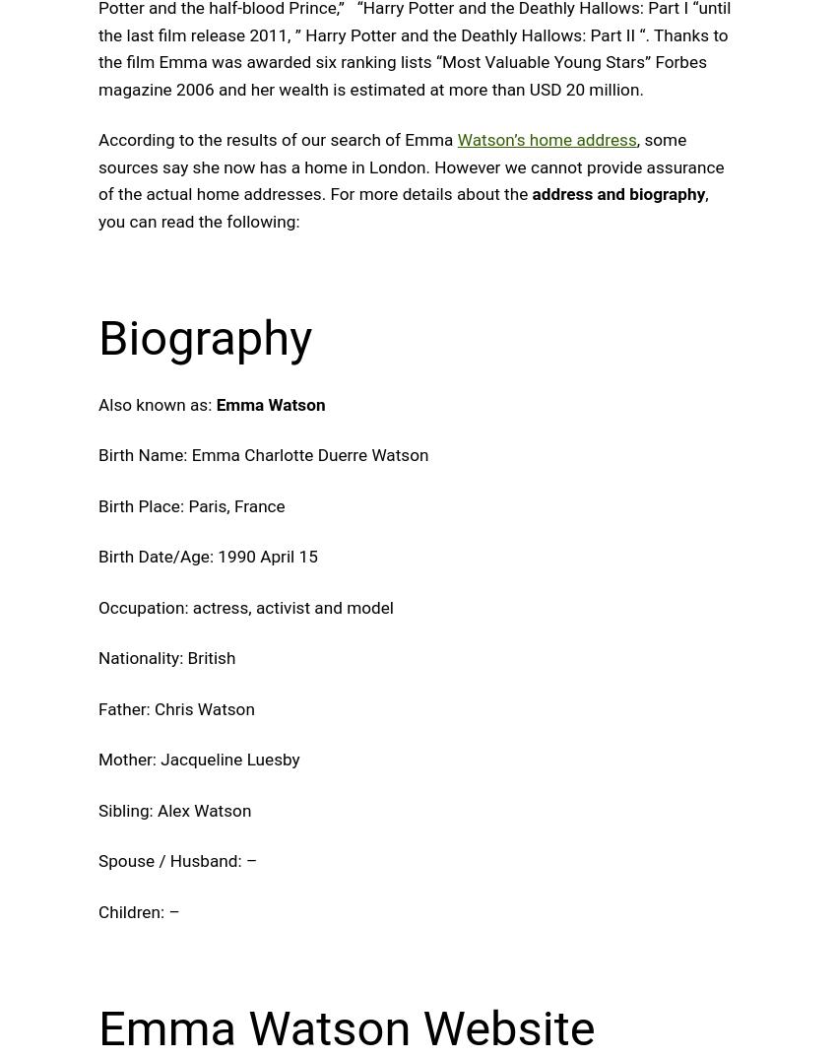  I want to click on 'According to the results of our search of Emma', so click(277, 138).